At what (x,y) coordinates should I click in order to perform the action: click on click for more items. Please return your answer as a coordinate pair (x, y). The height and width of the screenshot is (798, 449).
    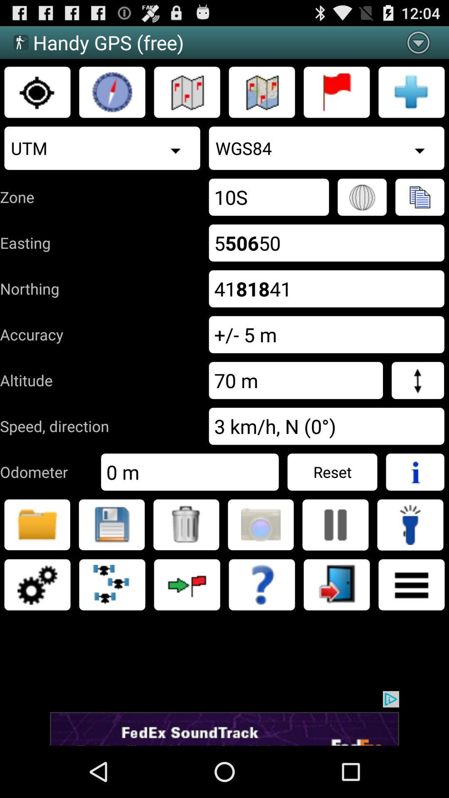
    Looking at the image, I should click on (412, 584).